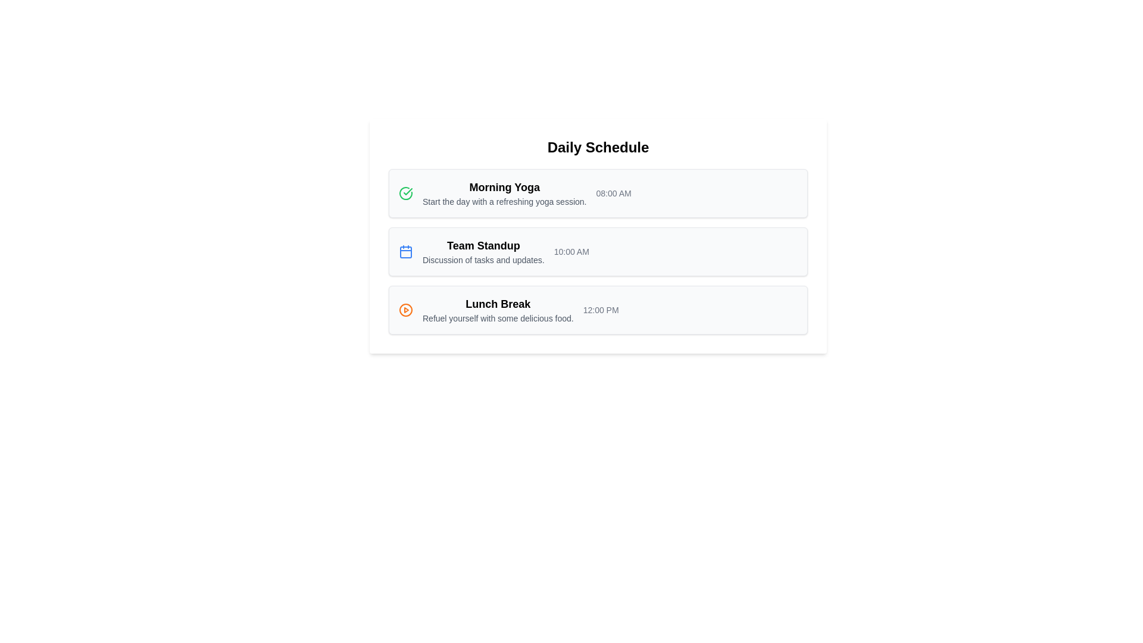 The width and height of the screenshot is (1143, 643). What do you see at coordinates (498, 318) in the screenshot?
I see `descriptive text element located underneath the 'Lunch Break' section in the bottom third of the schedule layout` at bounding box center [498, 318].